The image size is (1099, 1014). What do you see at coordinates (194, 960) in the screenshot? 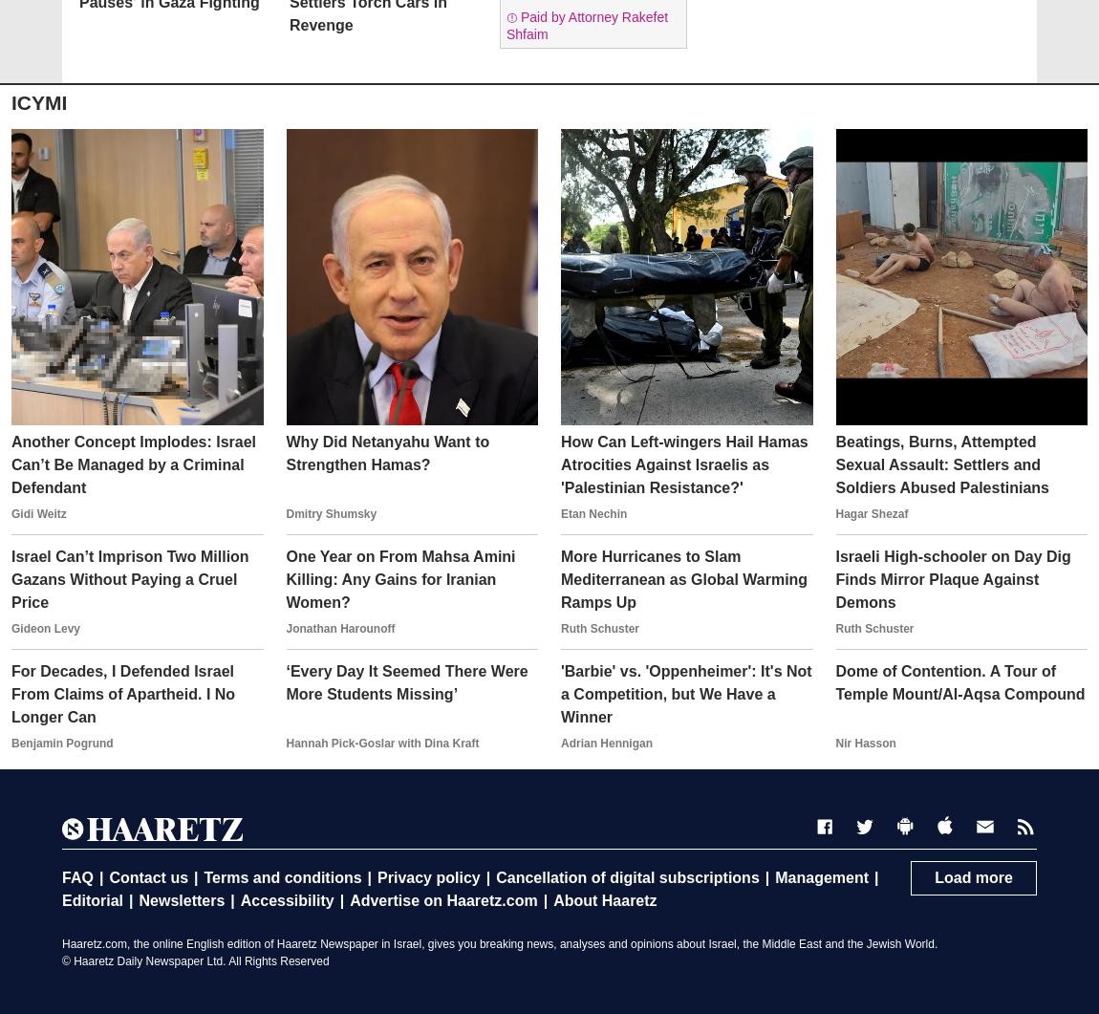
I see `'© Haaretz Daily Newspaper Ltd. All Rights Reserved'` at bounding box center [194, 960].